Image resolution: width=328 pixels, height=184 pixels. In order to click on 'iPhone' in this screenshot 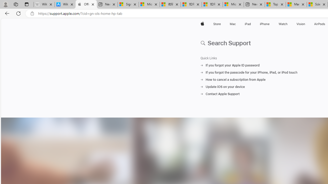, I will do `click(265, 24)`.